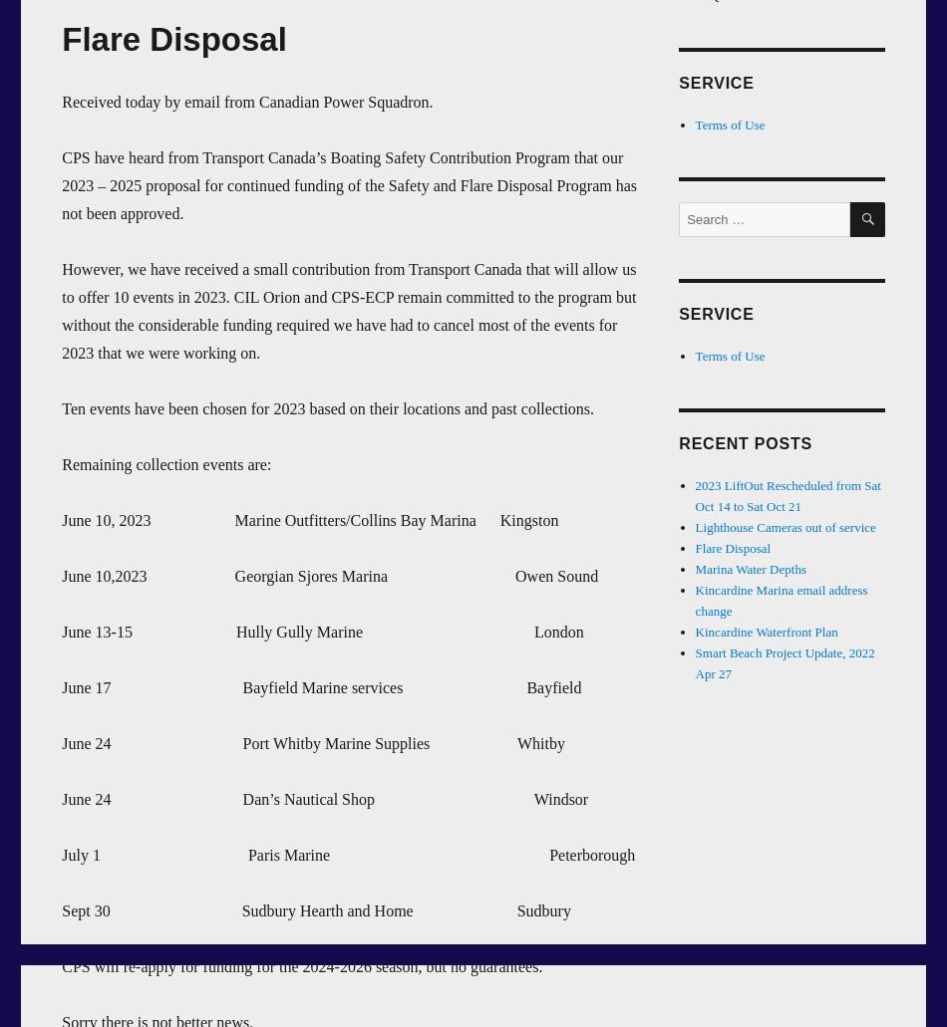 This screenshot has width=947, height=1027. Describe the element at coordinates (309, 519) in the screenshot. I see `'June 10, 2023                     Marine Outfitters/Collins Bay Marina      Kingston'` at that location.